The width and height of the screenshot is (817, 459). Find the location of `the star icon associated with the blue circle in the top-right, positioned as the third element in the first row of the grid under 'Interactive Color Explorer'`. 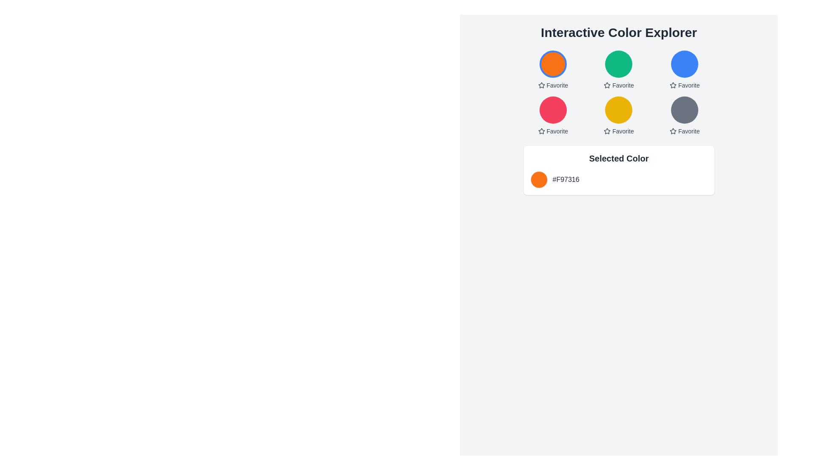

the star icon associated with the blue circle in the top-right, positioned as the third element in the first row of the grid under 'Interactive Color Explorer' is located at coordinates (672, 85).